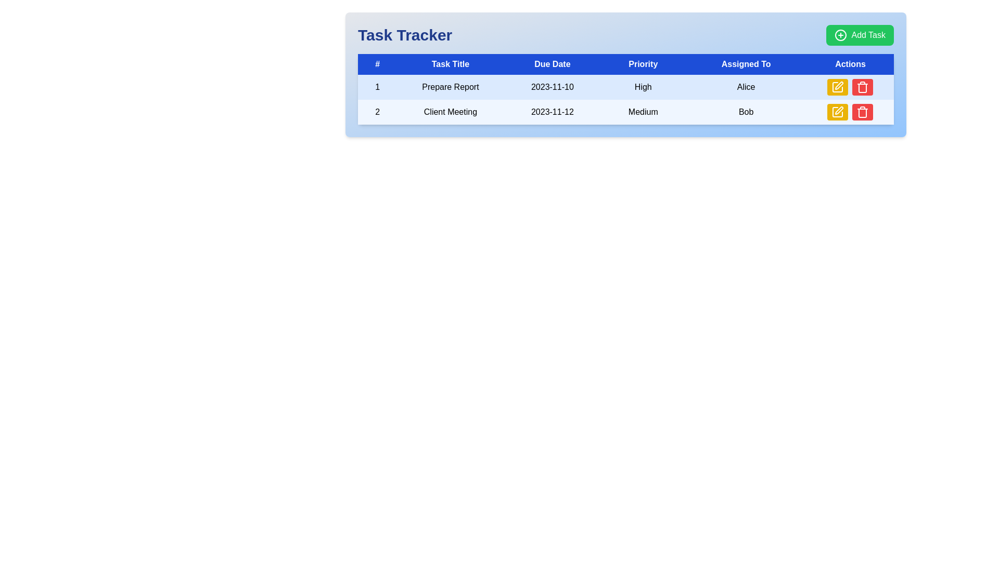 Image resolution: width=999 pixels, height=561 pixels. What do you see at coordinates (841, 35) in the screenshot?
I see `the SVG Circle element located to the left of the 'Add Task' button at the top-right corner of the interface, which signifies adding a new task or item` at bounding box center [841, 35].